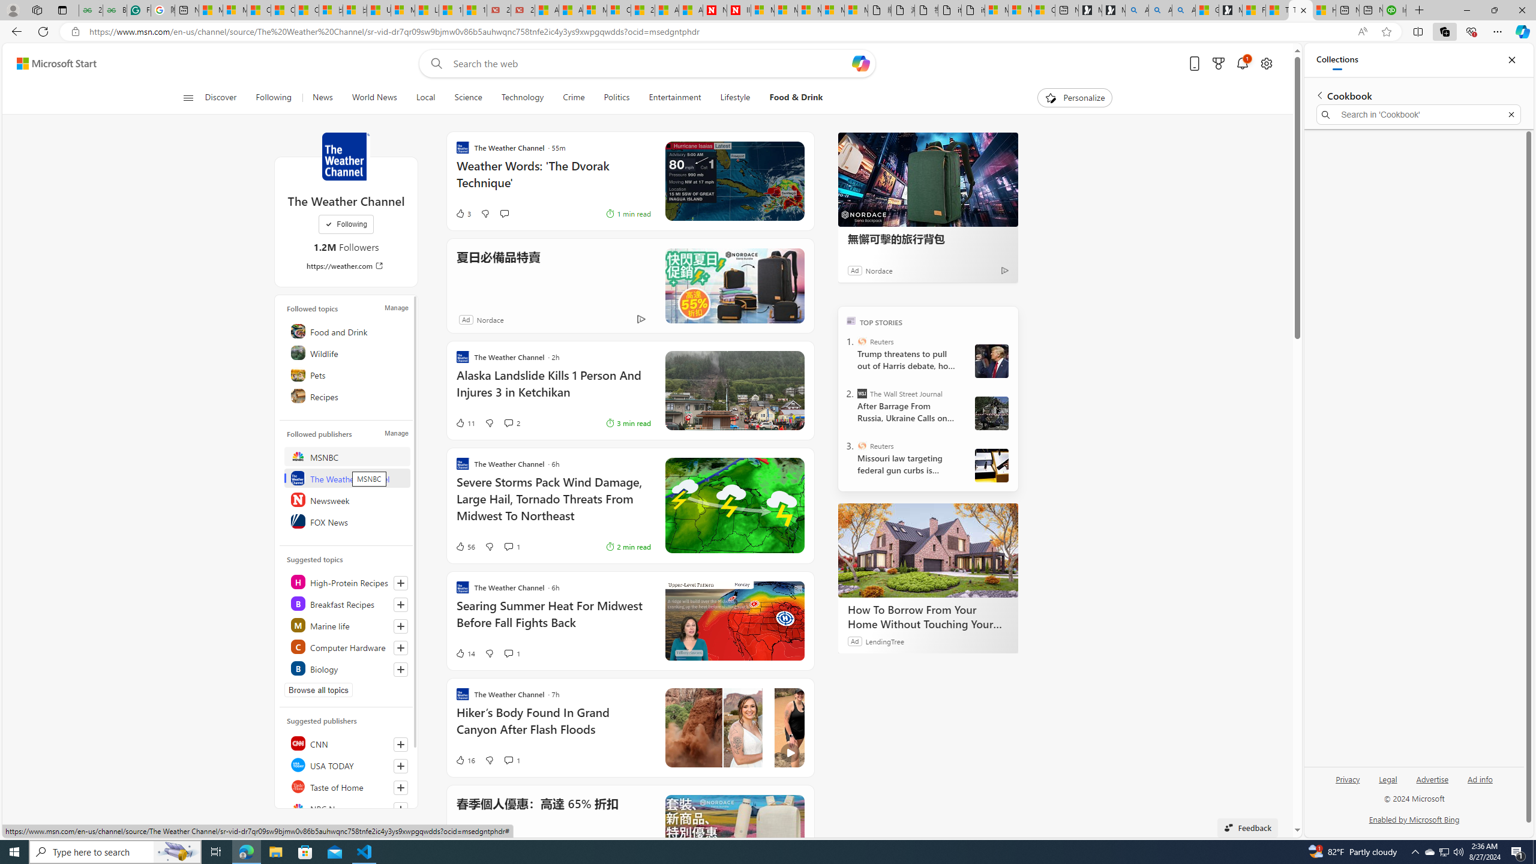 This screenshot has width=1536, height=864. I want to click on 'NBC News', so click(347, 808).